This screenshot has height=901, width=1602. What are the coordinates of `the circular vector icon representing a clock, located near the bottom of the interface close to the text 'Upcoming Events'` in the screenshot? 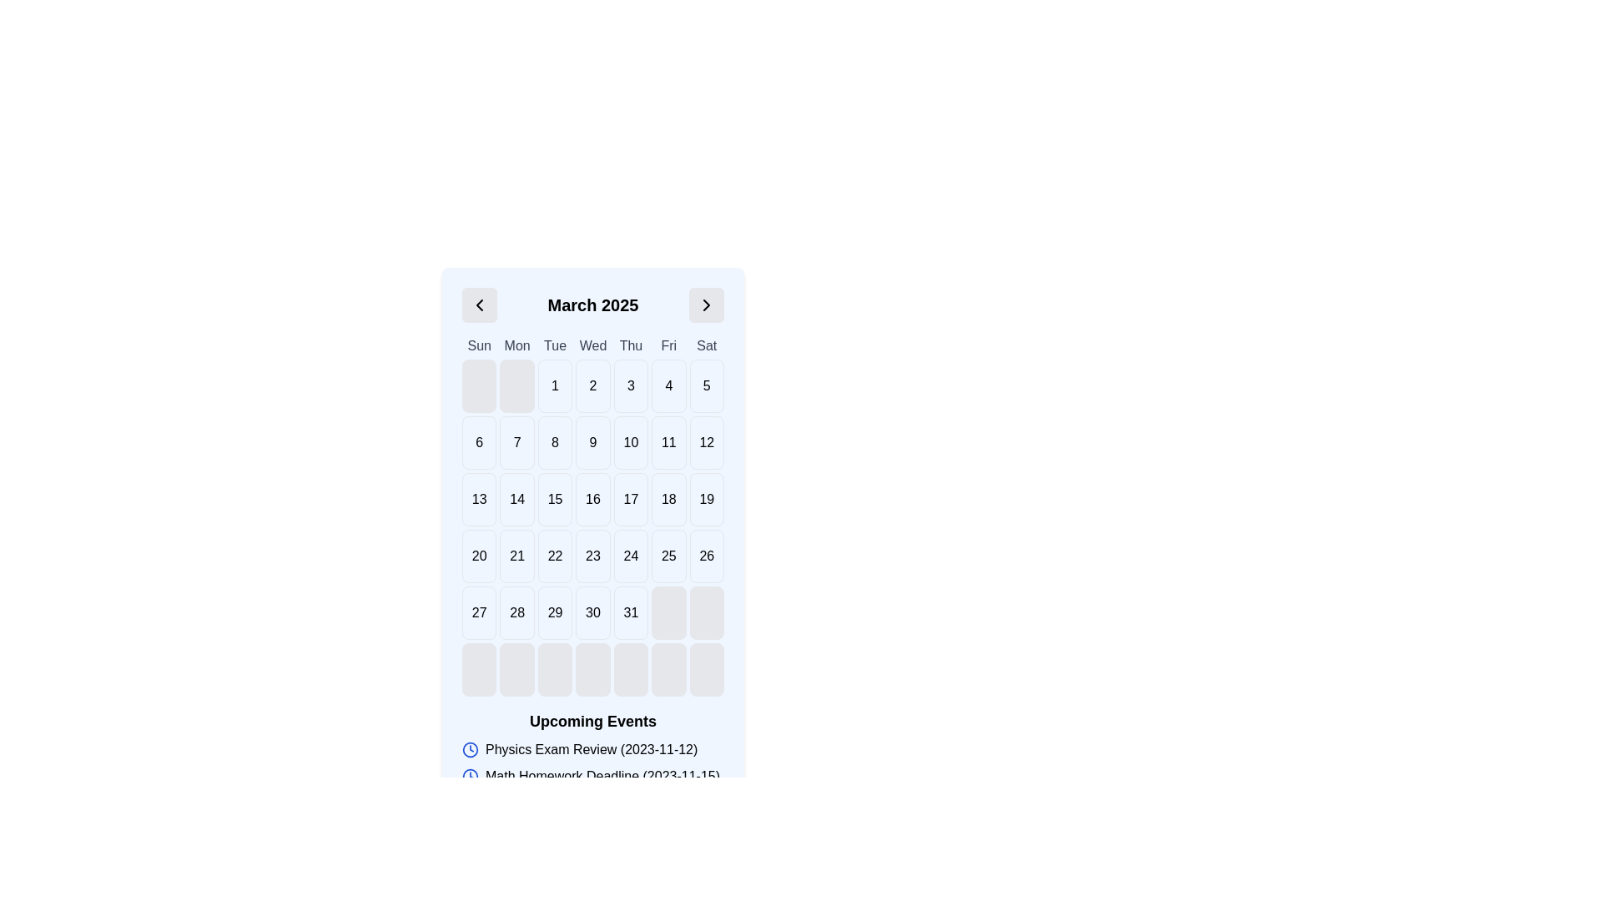 It's located at (470, 776).